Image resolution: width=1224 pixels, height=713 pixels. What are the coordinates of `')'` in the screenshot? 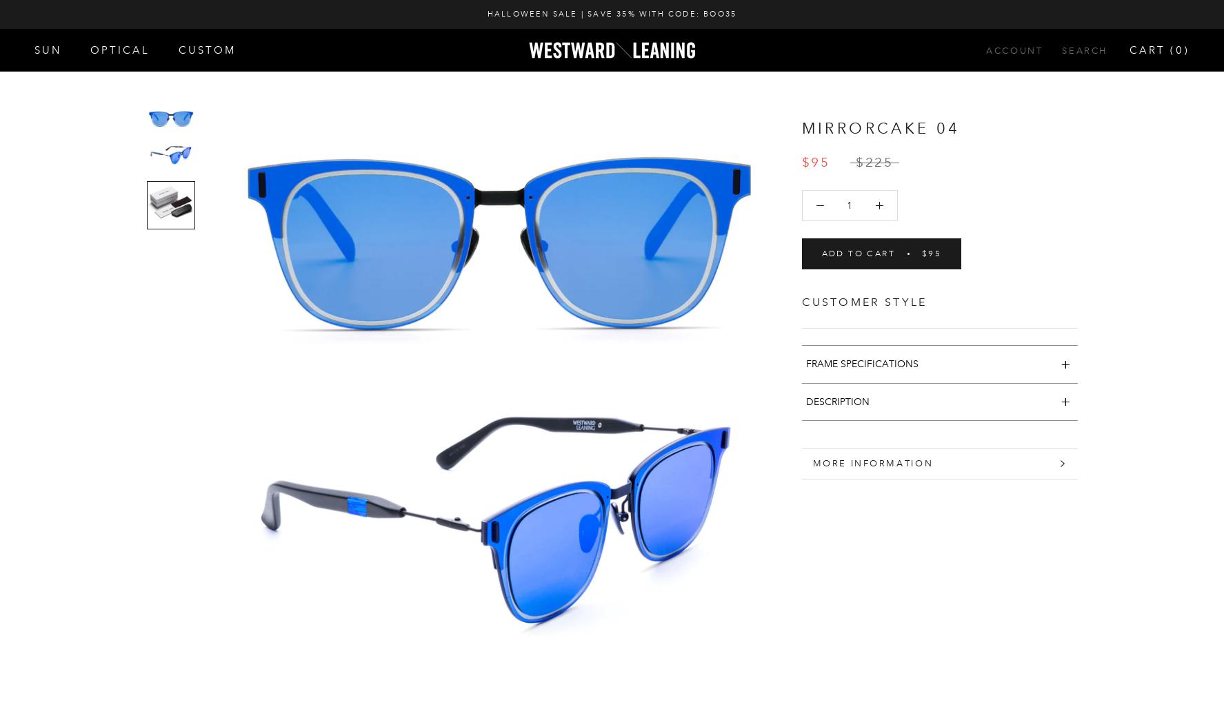 It's located at (1187, 50).